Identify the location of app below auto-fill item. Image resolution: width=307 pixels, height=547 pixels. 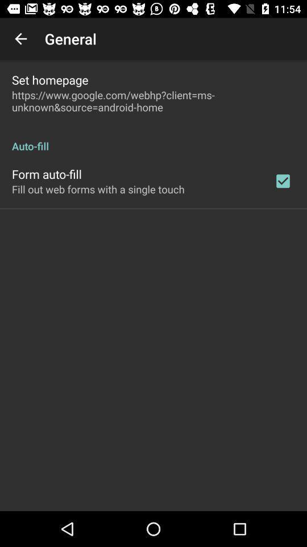
(282, 181).